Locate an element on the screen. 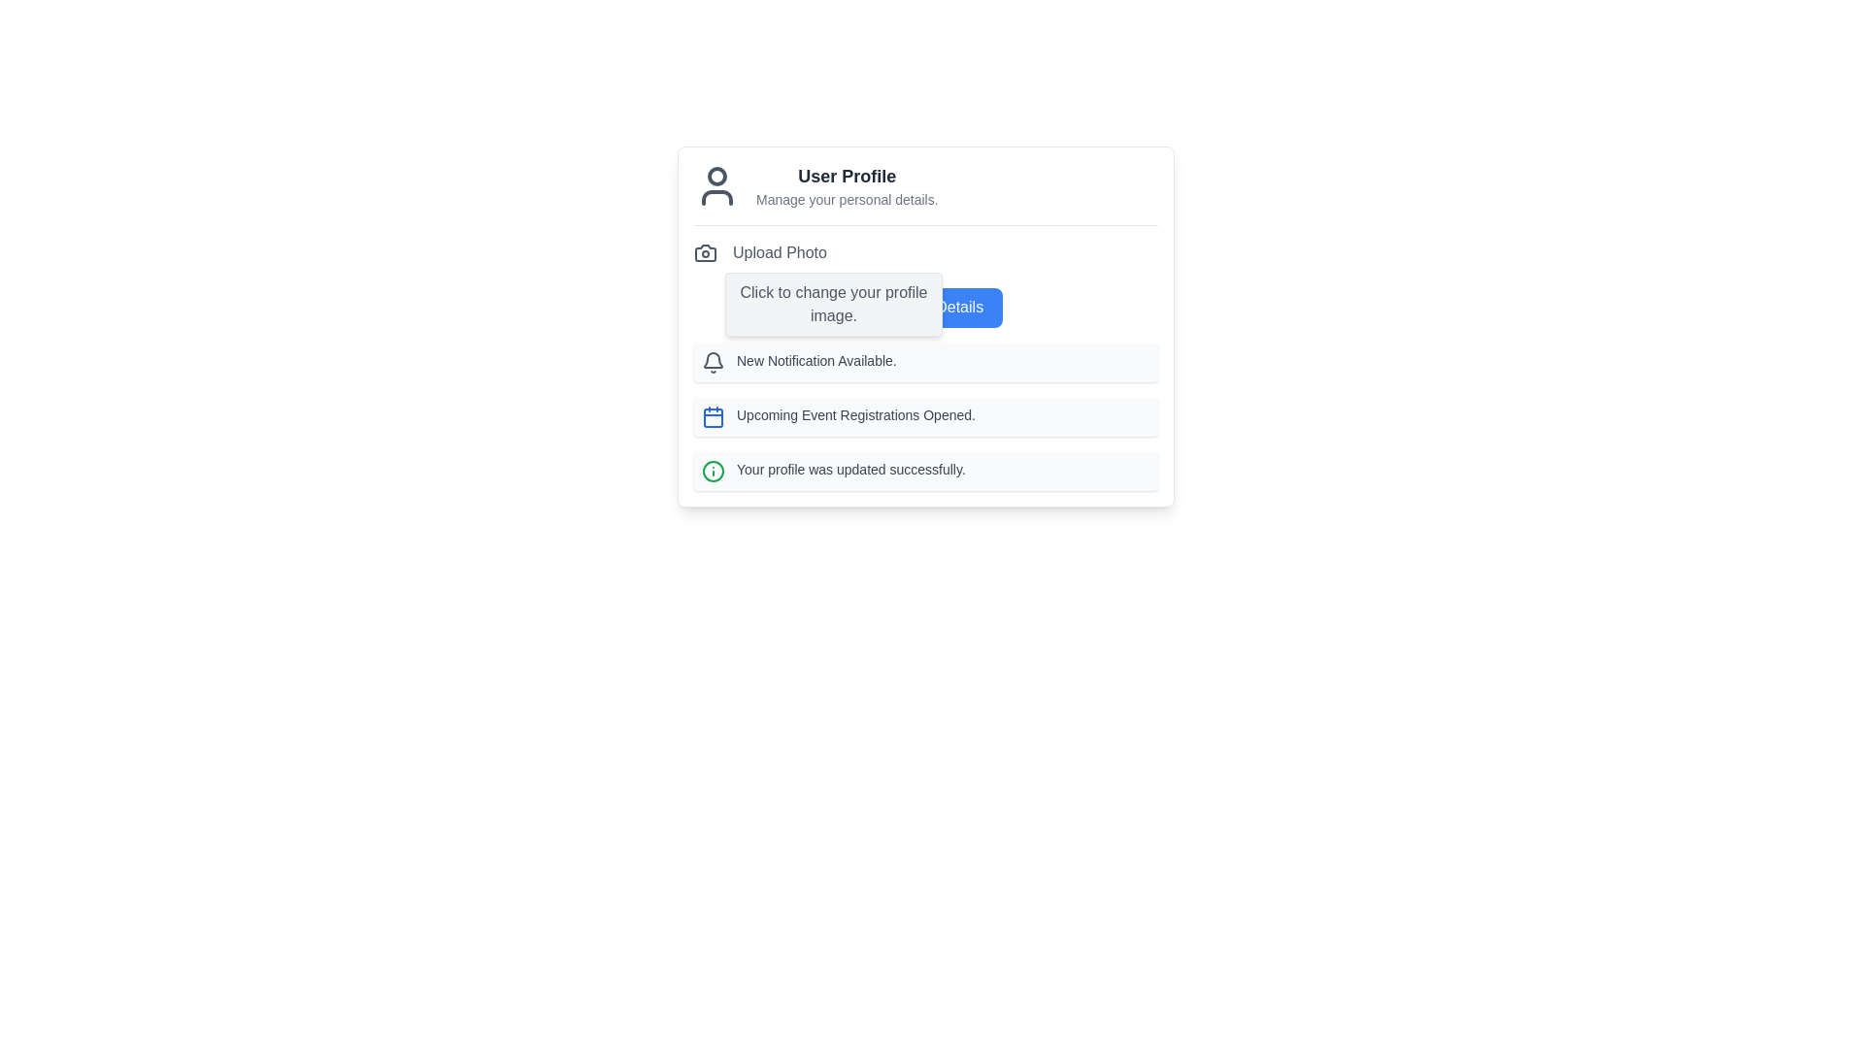 This screenshot has width=1864, height=1048. information from the 'User Profile' text block, which includes the bold header 'User Profile' and the smaller text 'Manage your personal details.' located at the top of the user interface section is located at coordinates (847, 186).